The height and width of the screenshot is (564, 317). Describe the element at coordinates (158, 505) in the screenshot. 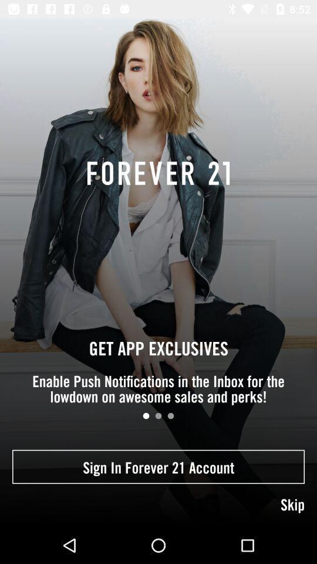

I see `skip icon` at that location.